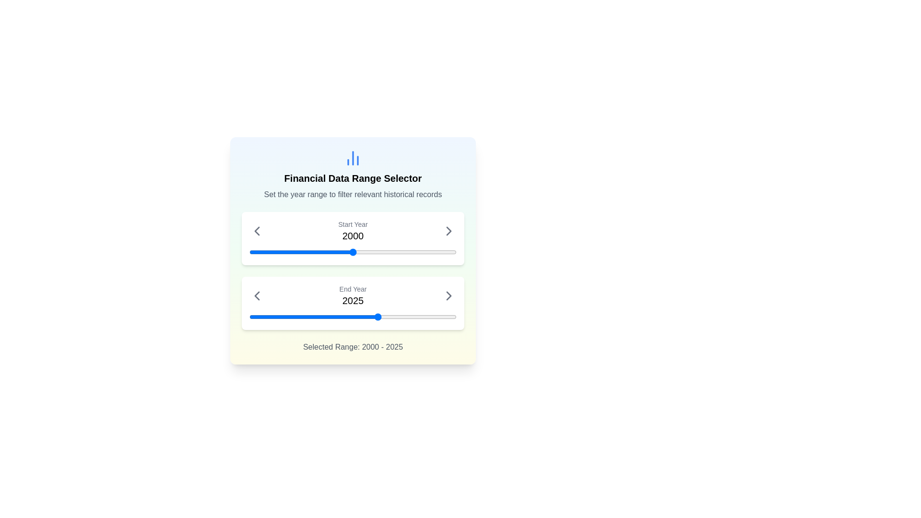 The width and height of the screenshot is (921, 518). What do you see at coordinates (379, 251) in the screenshot?
I see `the start year` at bounding box center [379, 251].